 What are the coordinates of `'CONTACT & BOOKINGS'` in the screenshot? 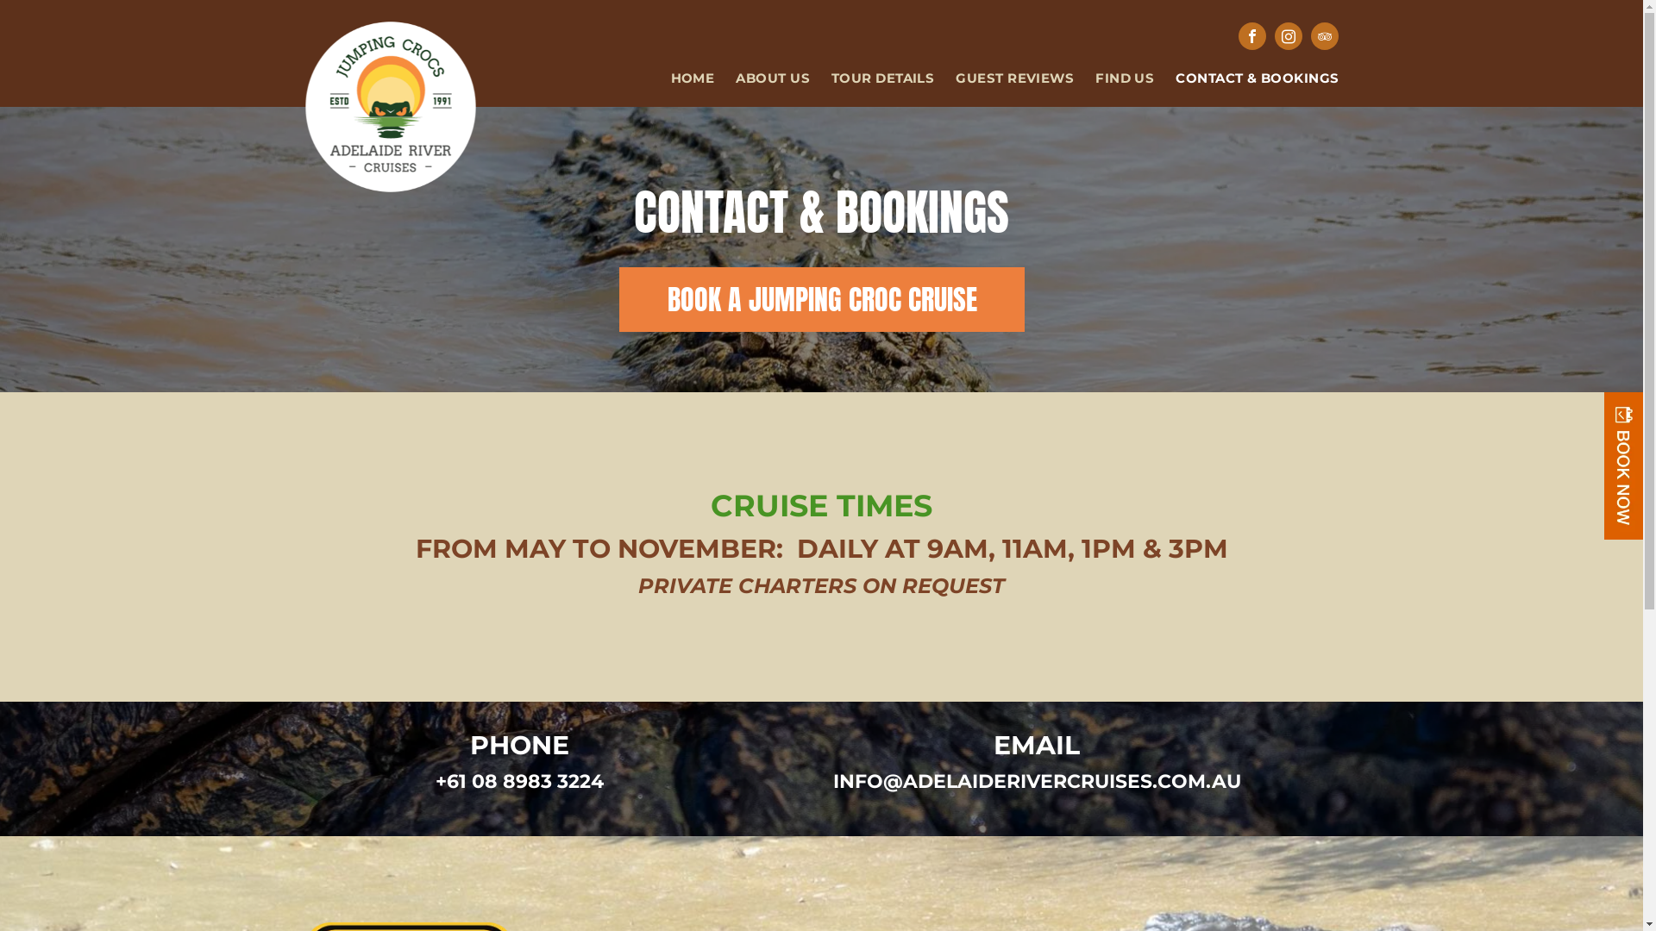 It's located at (1245, 78).